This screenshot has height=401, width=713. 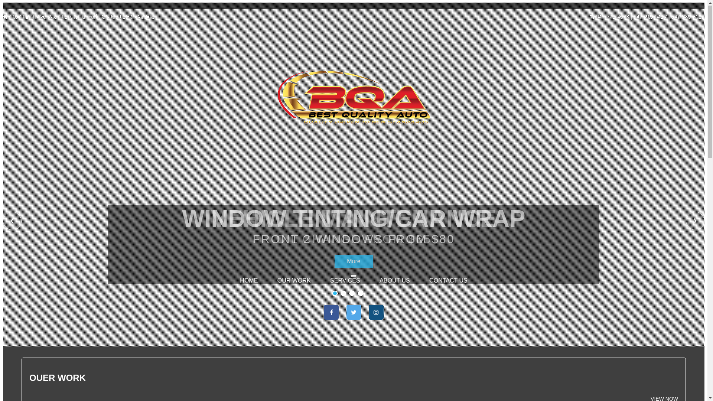 I want to click on 'SERVICES', so click(x=327, y=281).